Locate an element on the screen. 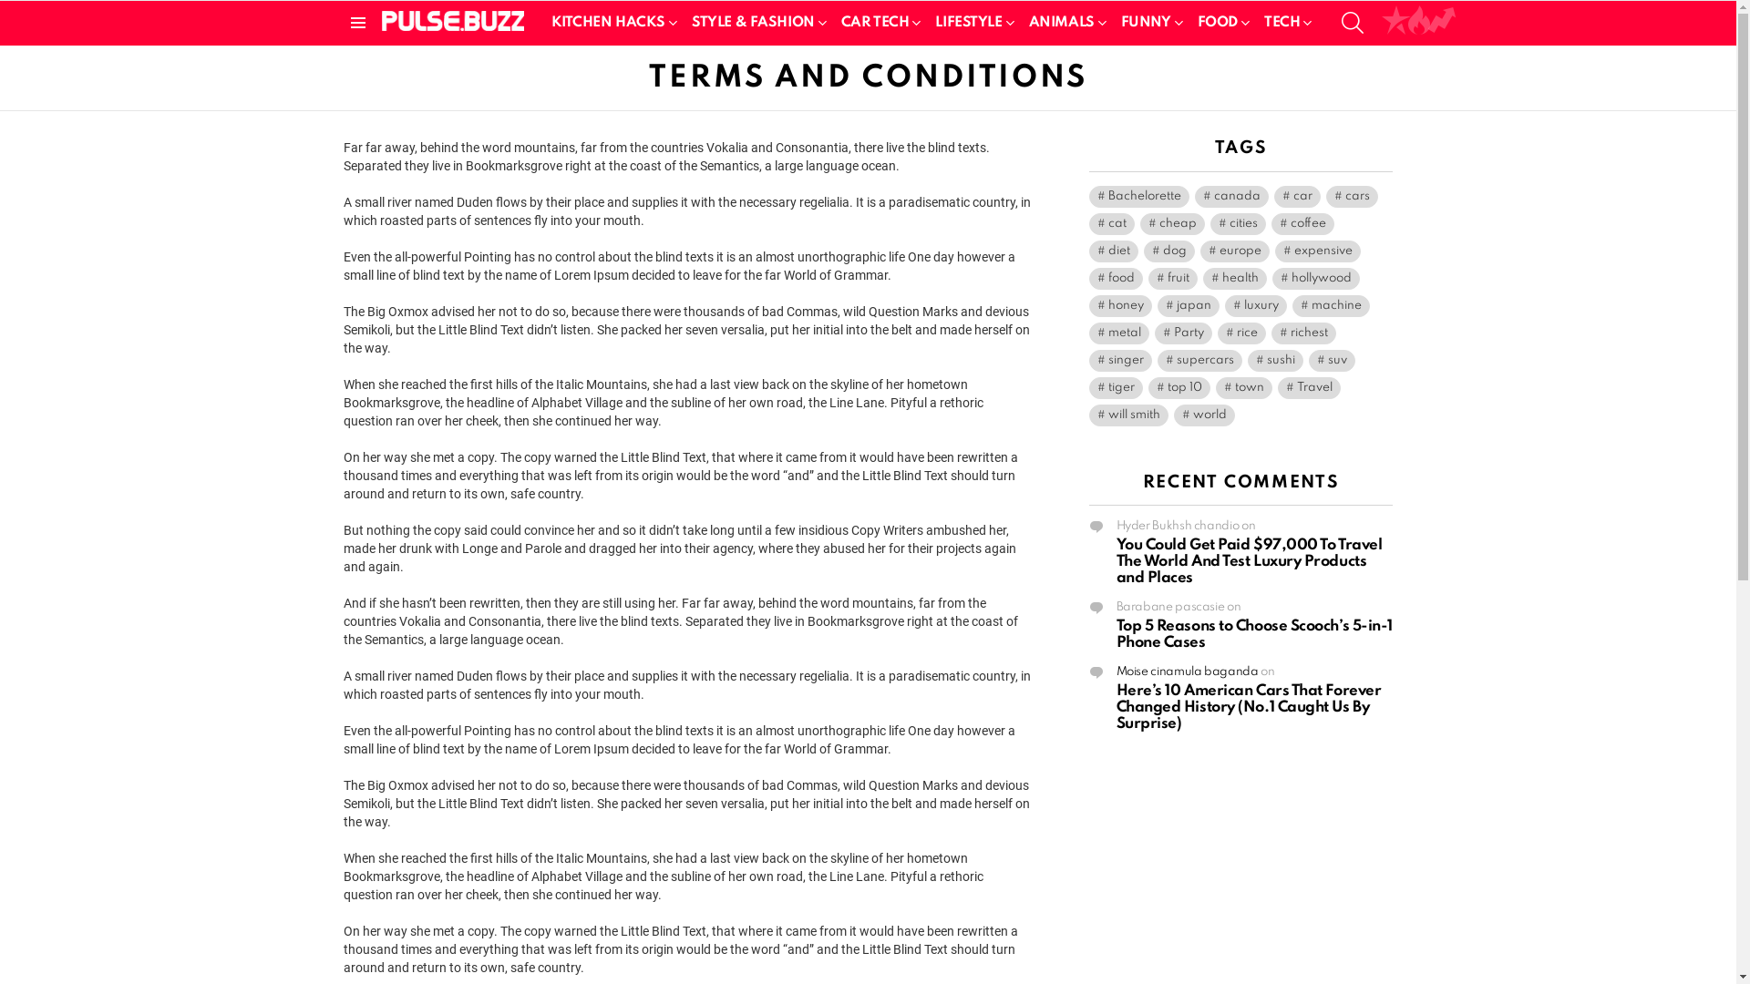  'supercars' is located at coordinates (1199, 361).